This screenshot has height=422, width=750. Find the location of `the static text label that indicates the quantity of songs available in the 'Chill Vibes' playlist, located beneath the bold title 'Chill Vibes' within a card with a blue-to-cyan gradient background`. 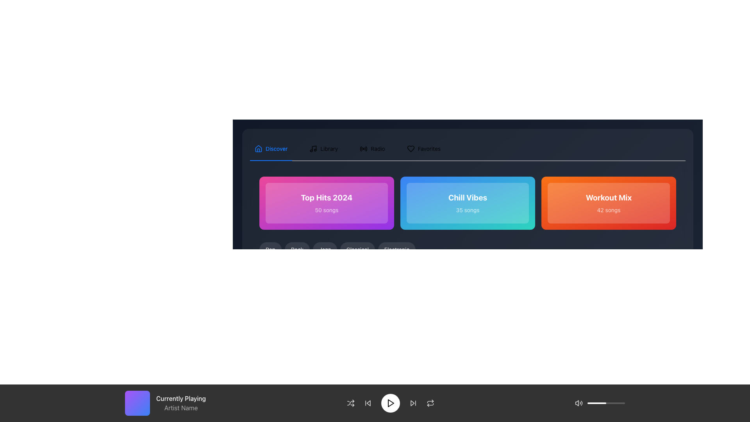

the static text label that indicates the quantity of songs available in the 'Chill Vibes' playlist, located beneath the bold title 'Chill Vibes' within a card with a blue-to-cyan gradient background is located at coordinates (468, 209).